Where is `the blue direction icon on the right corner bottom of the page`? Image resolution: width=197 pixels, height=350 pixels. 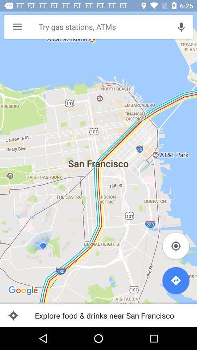
the blue direction icon on the right corner bottom of the page is located at coordinates (175, 280).